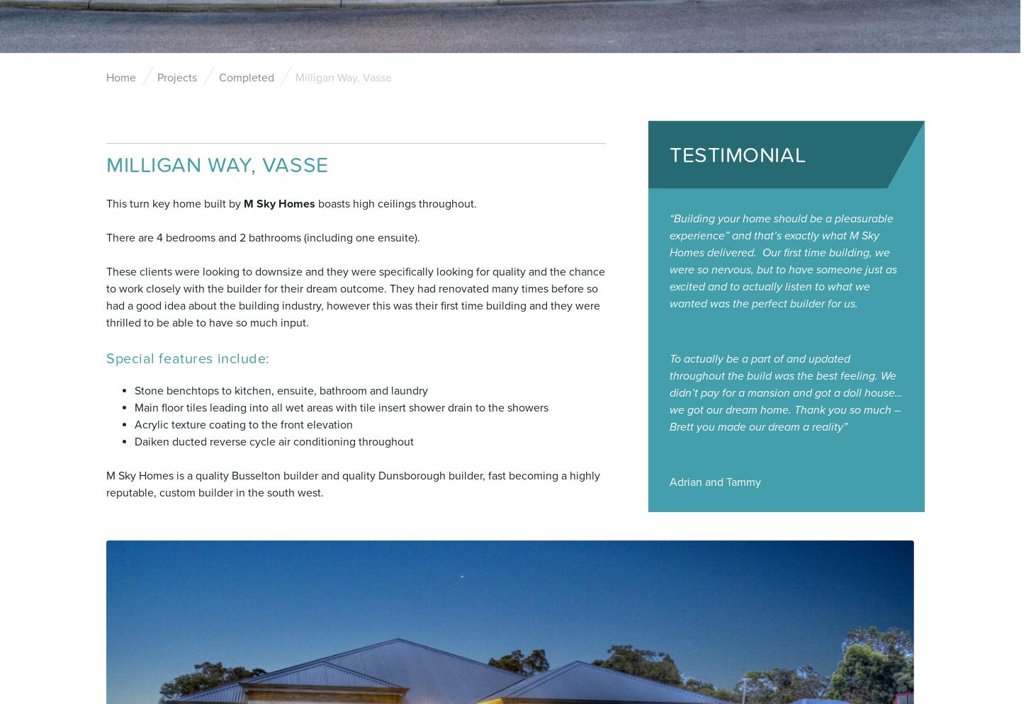 Image resolution: width=1031 pixels, height=704 pixels. Describe the element at coordinates (120, 76) in the screenshot. I see `'Home'` at that location.